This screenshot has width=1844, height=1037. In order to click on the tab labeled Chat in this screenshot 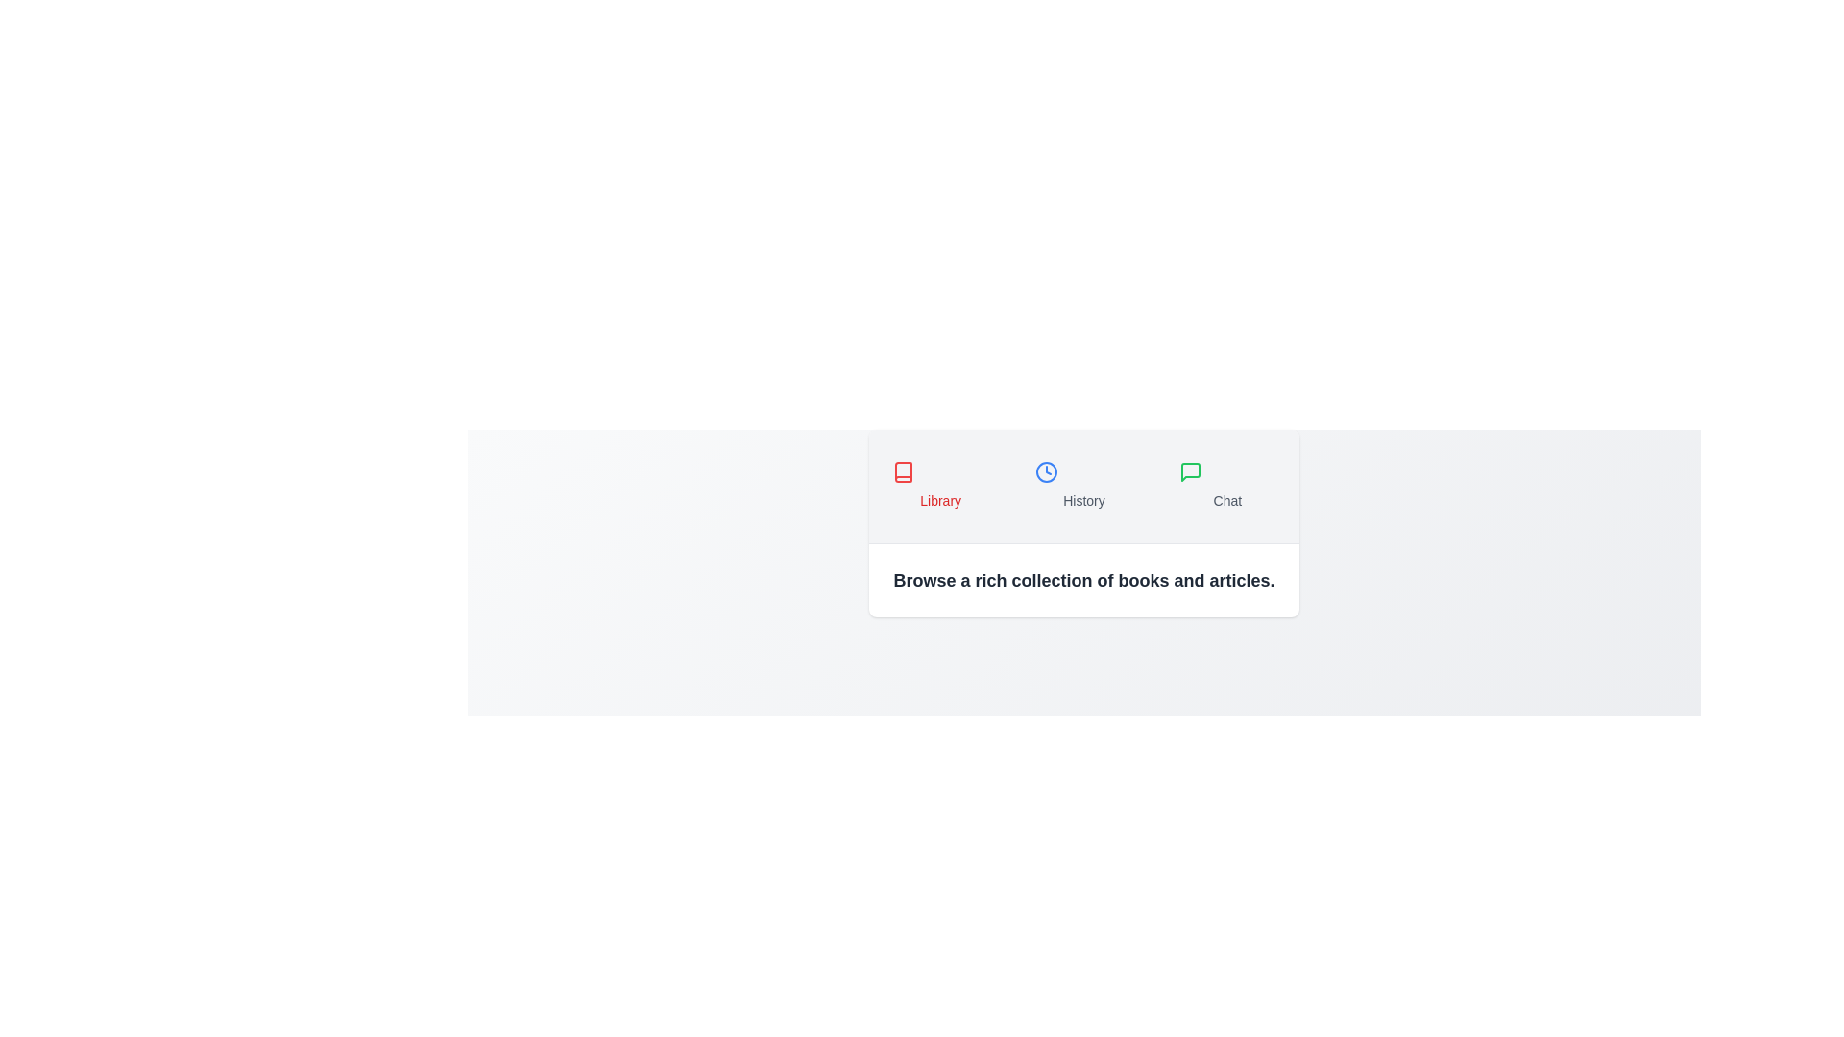, I will do `click(1226, 485)`.